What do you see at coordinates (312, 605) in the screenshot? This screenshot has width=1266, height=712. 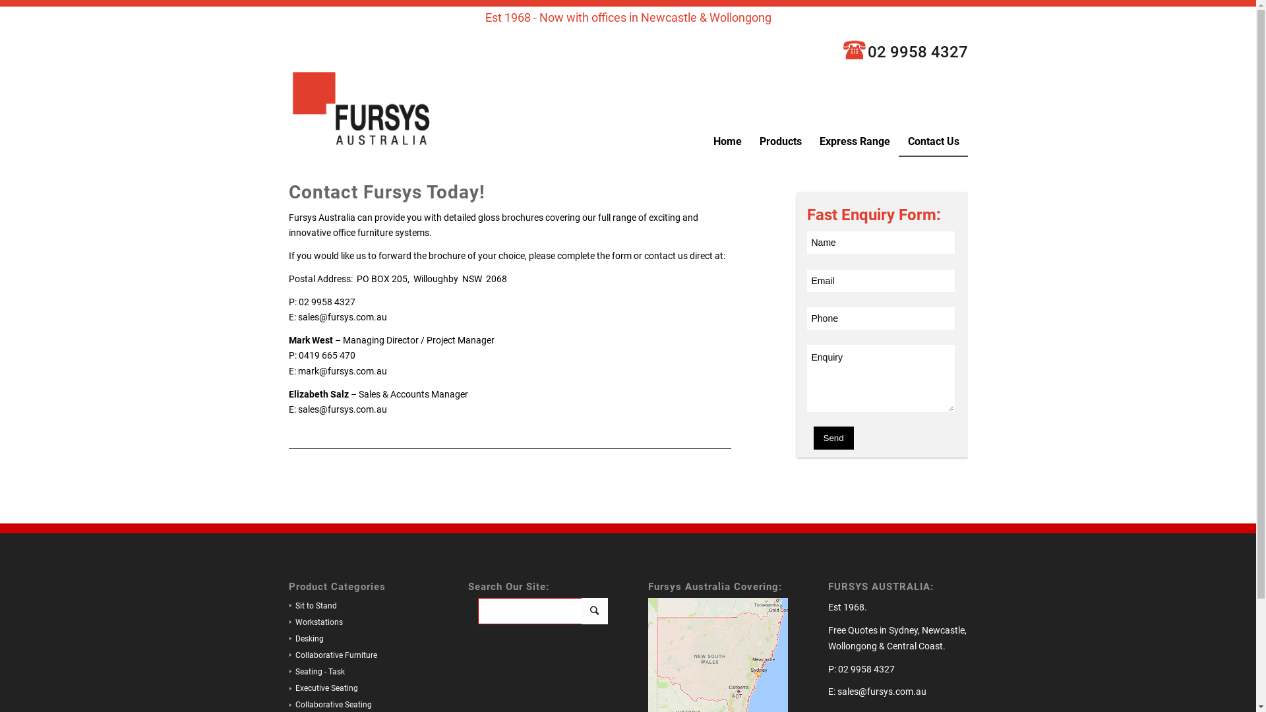 I see `'Sit to Stand'` at bounding box center [312, 605].